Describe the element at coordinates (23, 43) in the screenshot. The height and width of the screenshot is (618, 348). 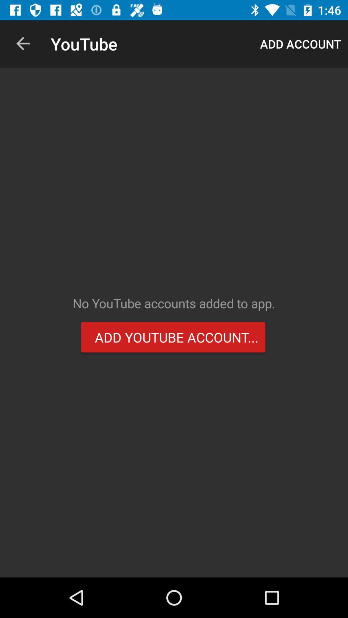
I see `icon next to the youtube item` at that location.